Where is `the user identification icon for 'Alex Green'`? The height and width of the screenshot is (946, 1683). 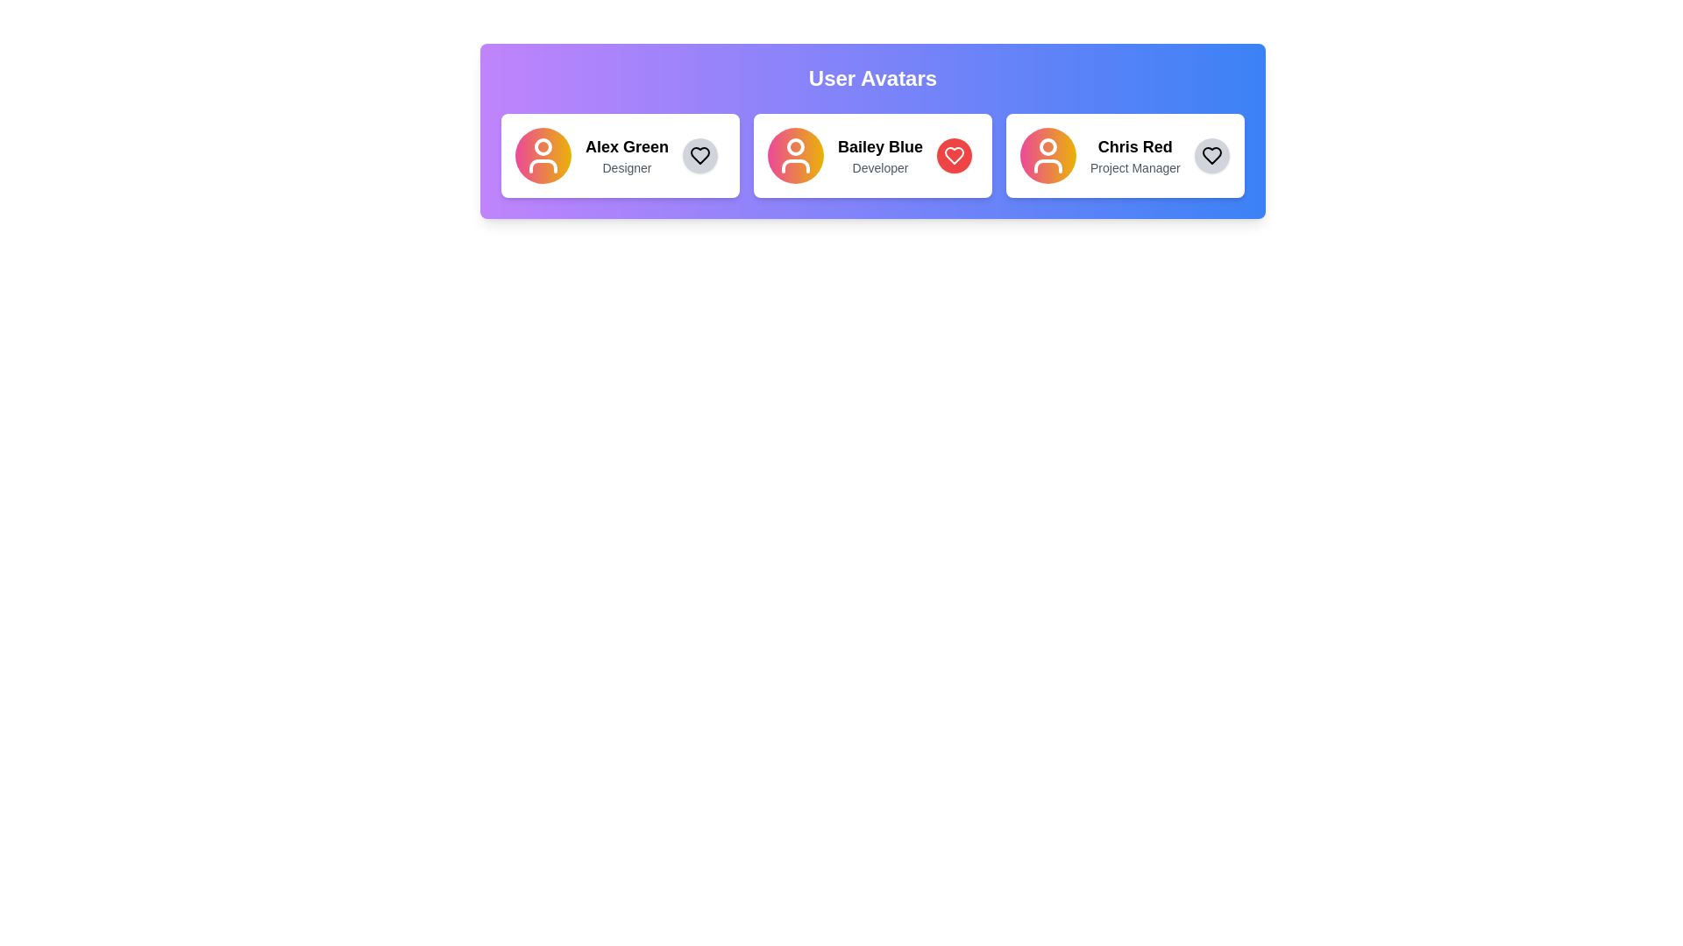 the user identification icon for 'Alex Green' is located at coordinates (542, 154).